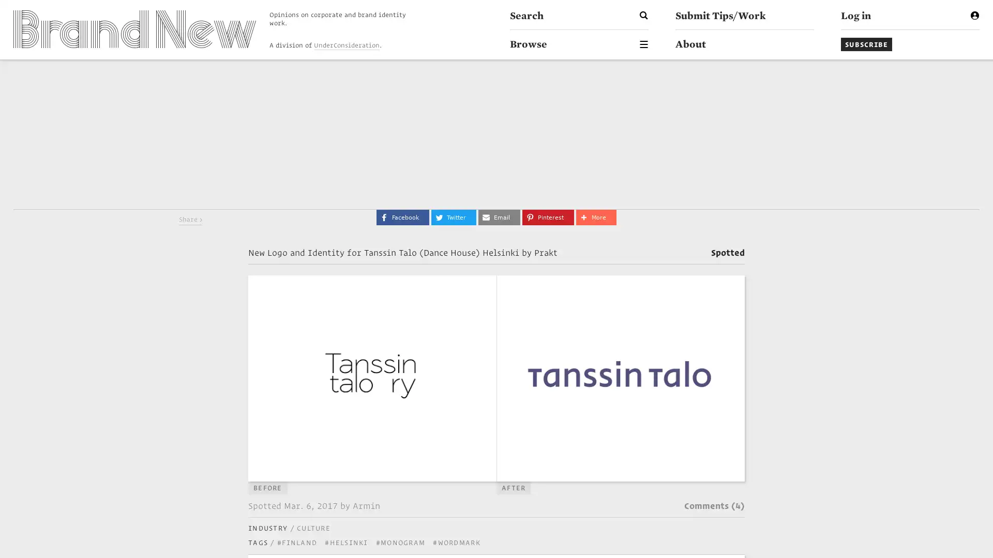 This screenshot has width=993, height=558. What do you see at coordinates (402, 216) in the screenshot?
I see `Share to Facebook Facebook` at bounding box center [402, 216].